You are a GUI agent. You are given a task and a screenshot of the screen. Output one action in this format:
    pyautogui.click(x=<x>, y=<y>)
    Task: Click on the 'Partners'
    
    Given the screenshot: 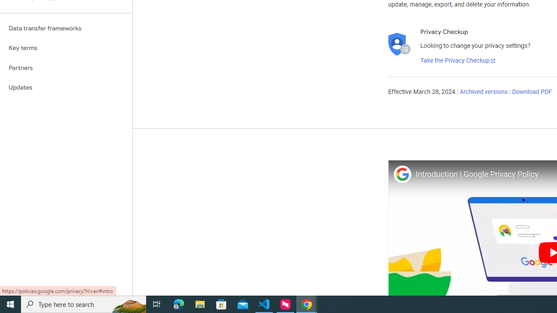 What is the action you would take?
    pyautogui.click(x=66, y=67)
    